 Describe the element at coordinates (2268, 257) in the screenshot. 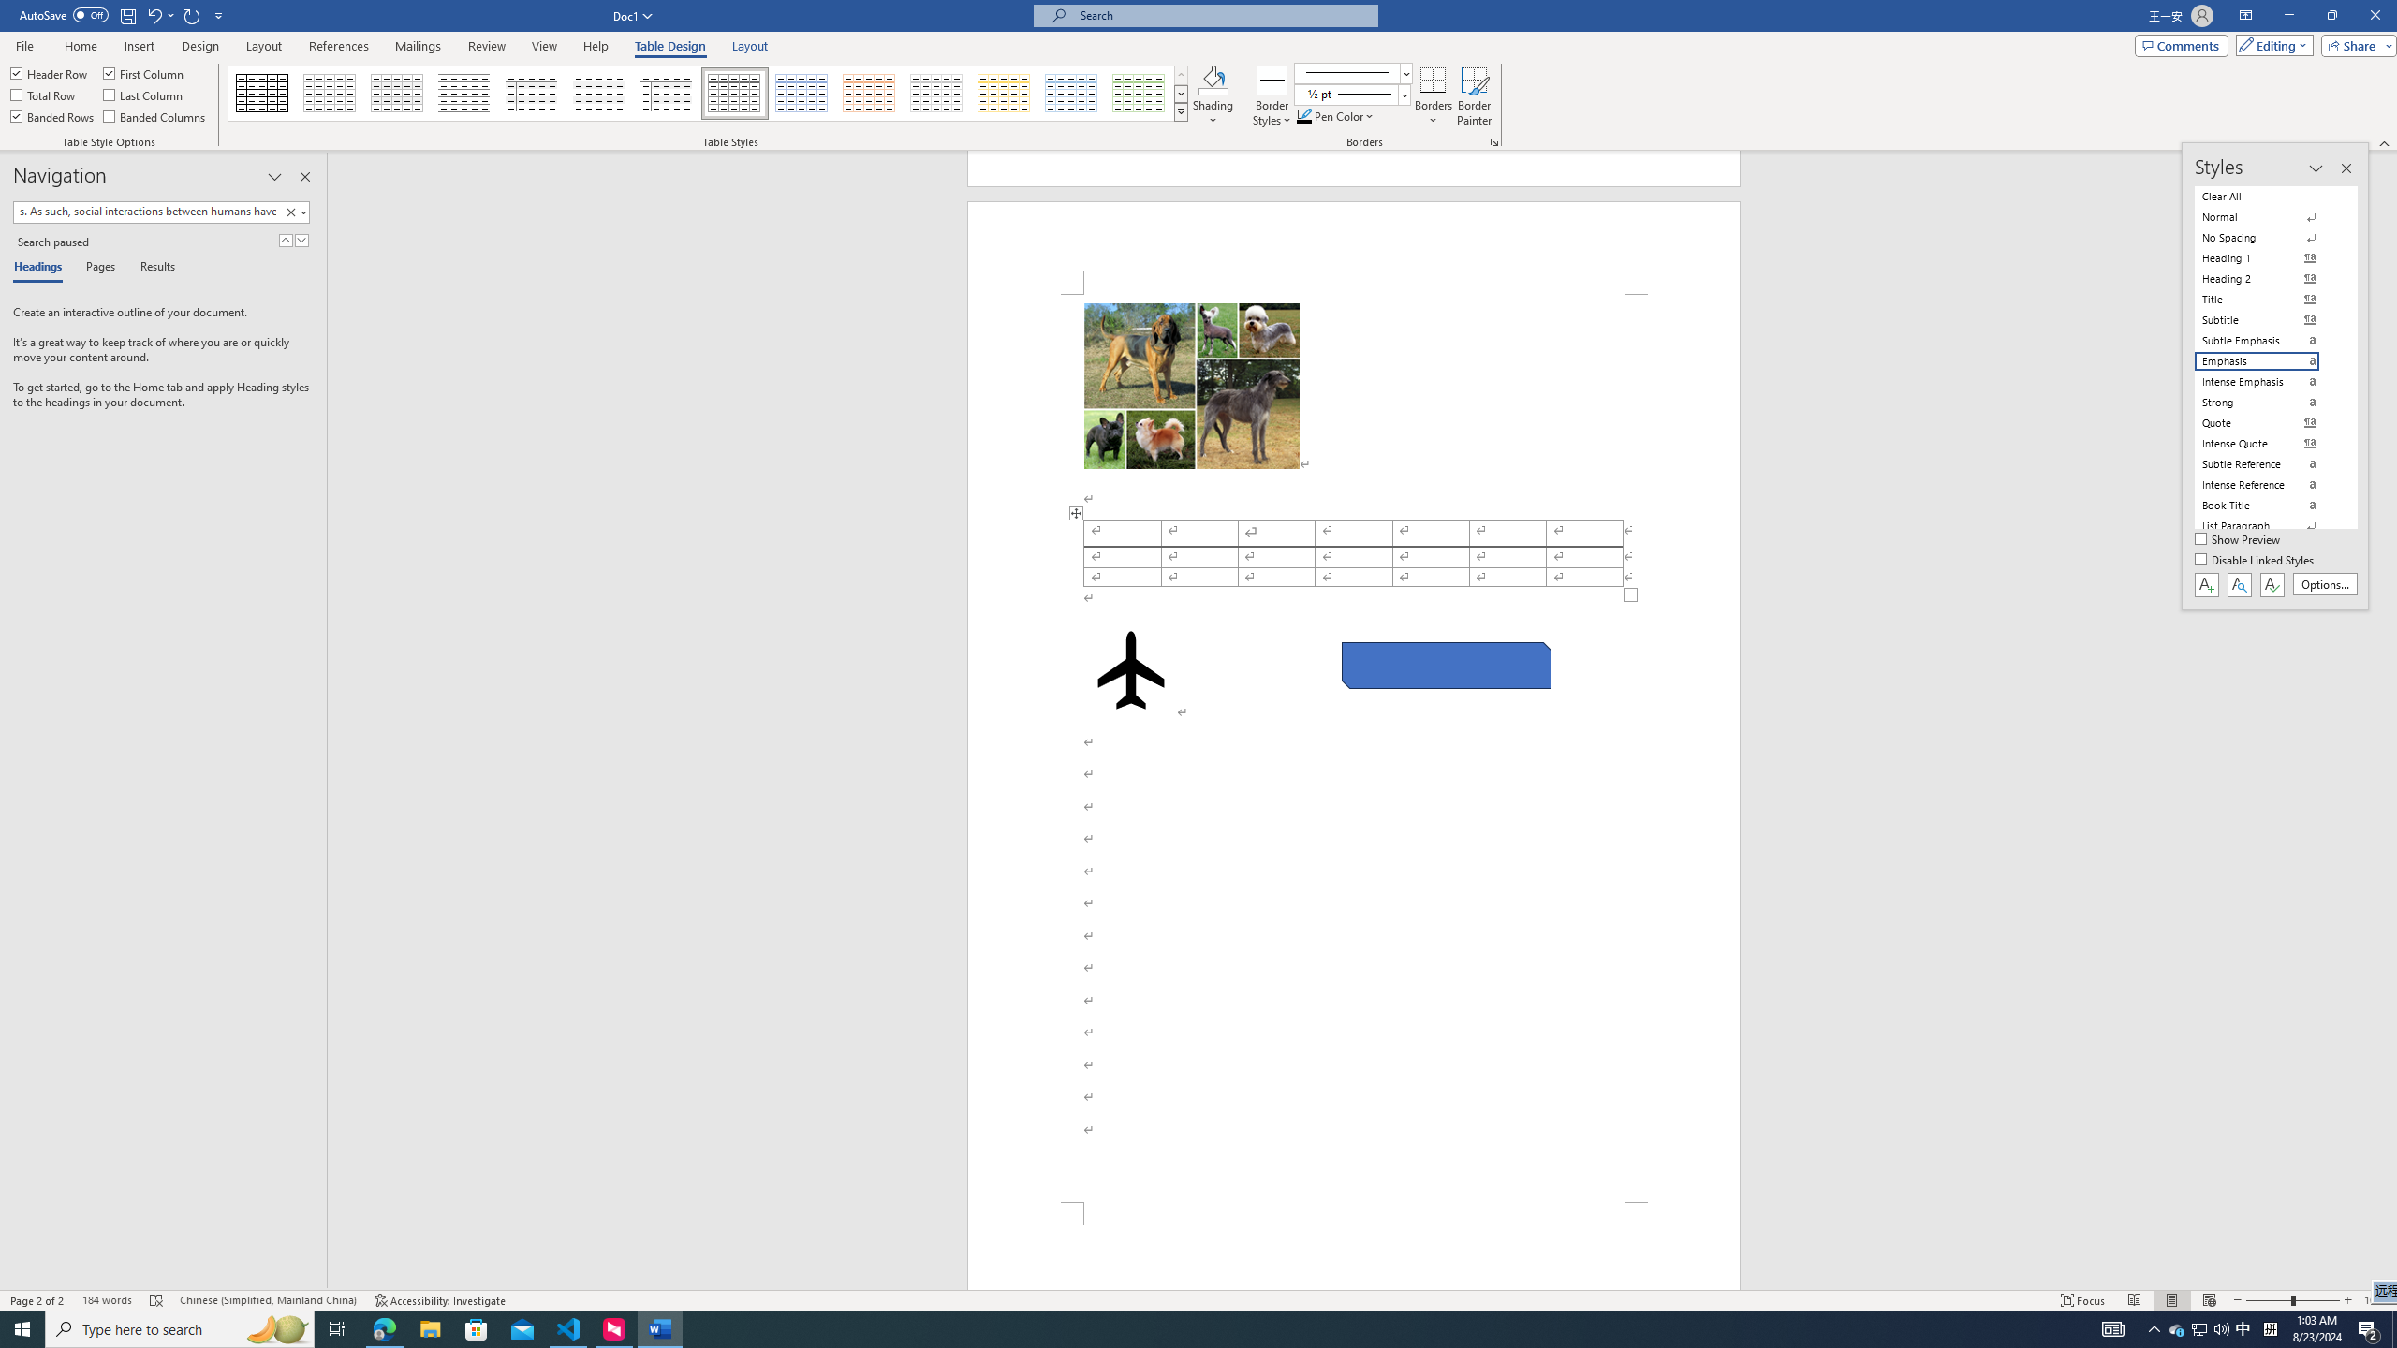

I see `'Heading 1'` at that location.